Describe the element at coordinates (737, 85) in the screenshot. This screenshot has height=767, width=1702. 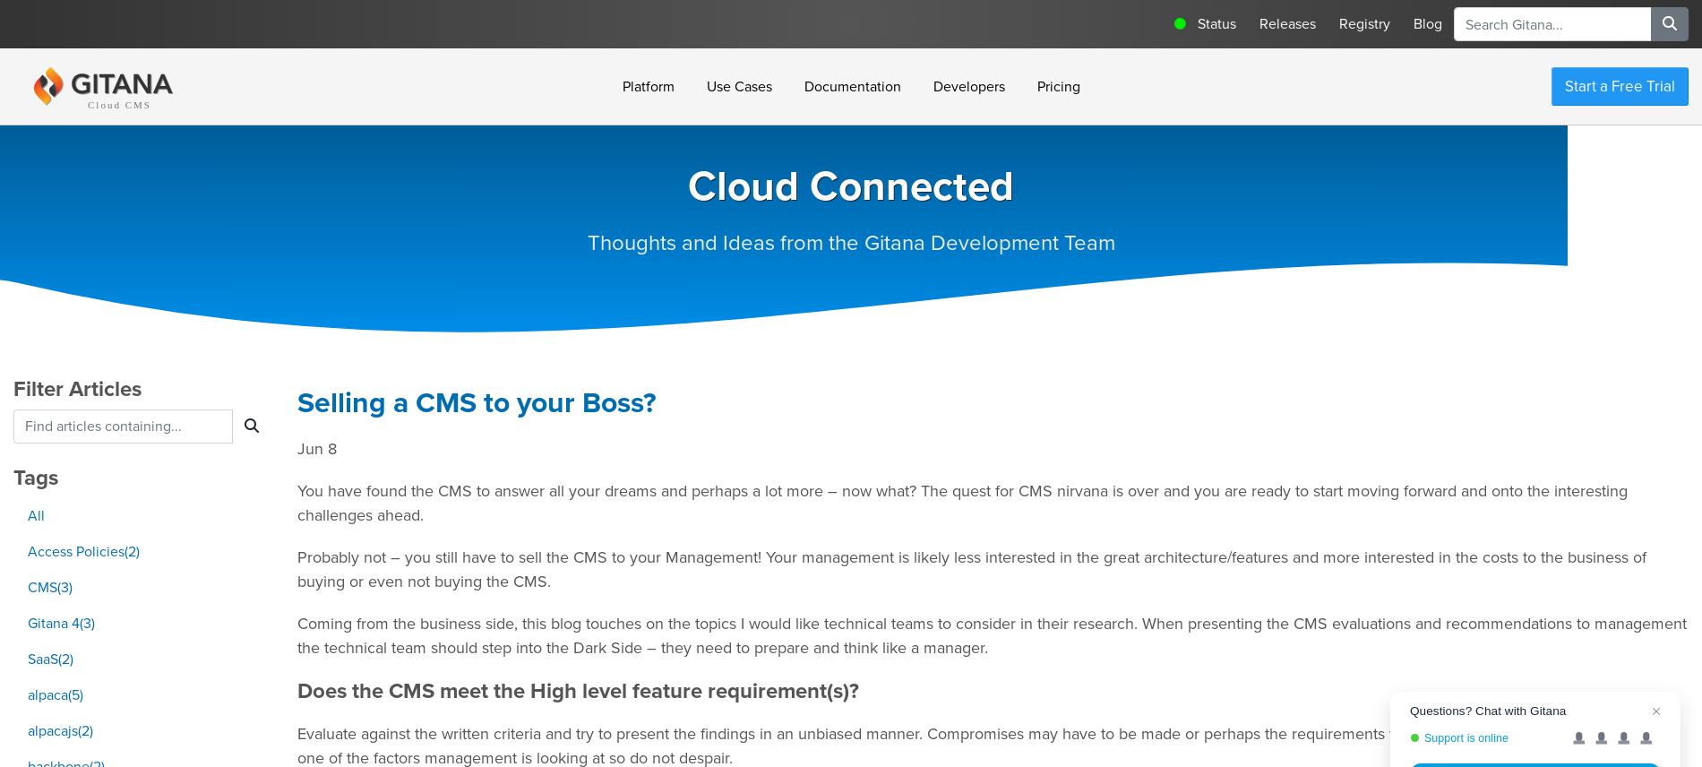
I see `'Use Cases'` at that location.